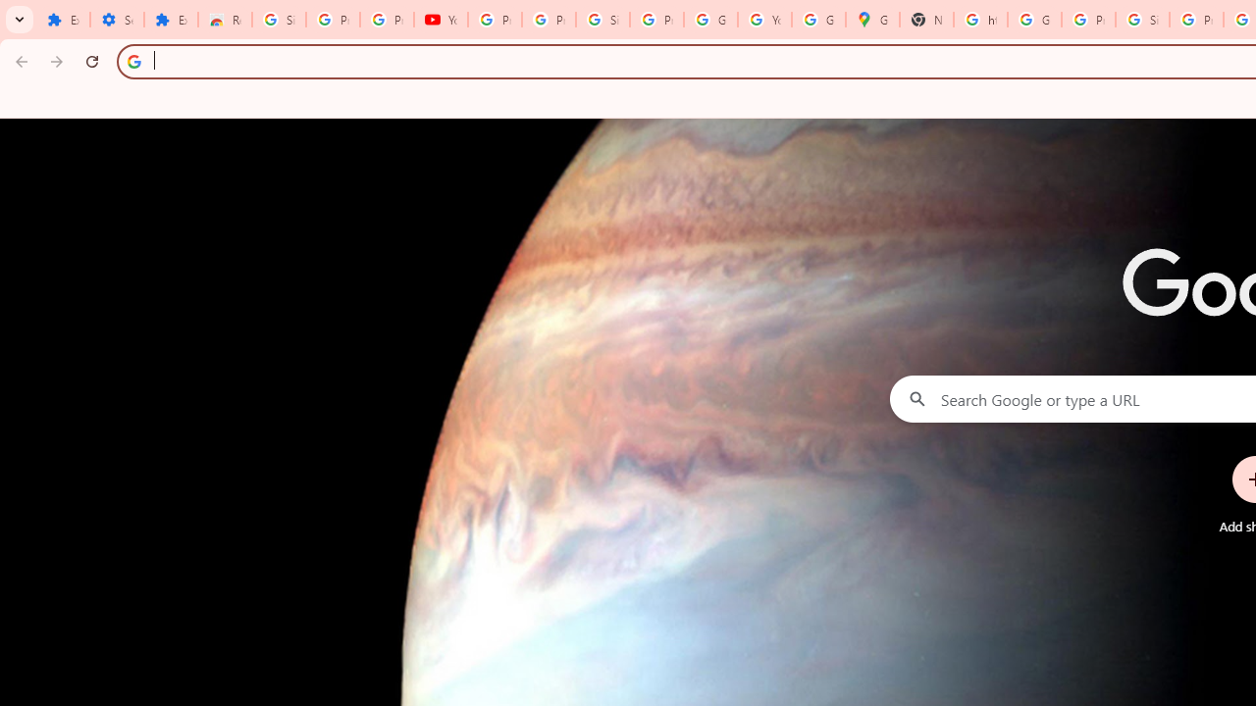  What do you see at coordinates (440, 20) in the screenshot?
I see `'YouTube'` at bounding box center [440, 20].